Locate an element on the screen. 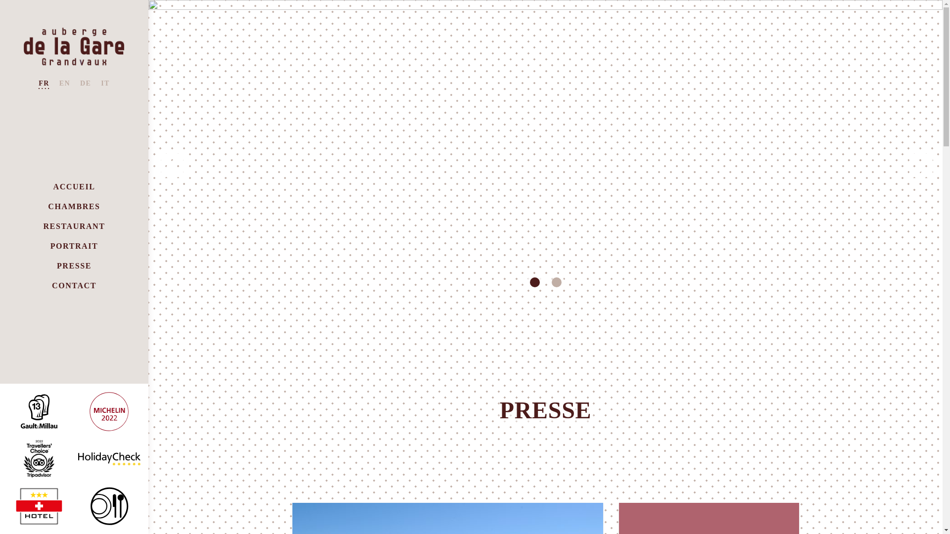 This screenshot has width=950, height=534. 'Aller au contenu principal' is located at coordinates (0, 0).